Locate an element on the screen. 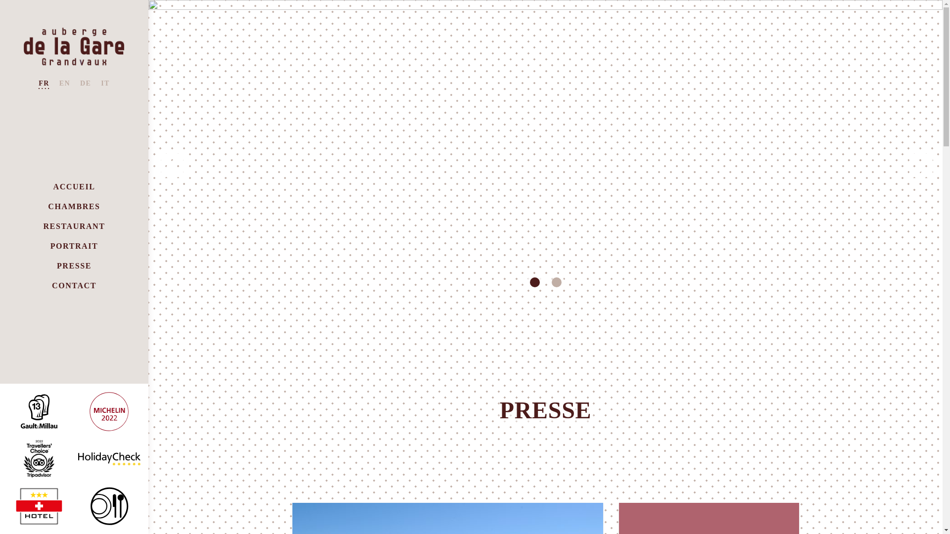 This screenshot has width=950, height=534. 'Aller au contenu principal' is located at coordinates (0, 0).